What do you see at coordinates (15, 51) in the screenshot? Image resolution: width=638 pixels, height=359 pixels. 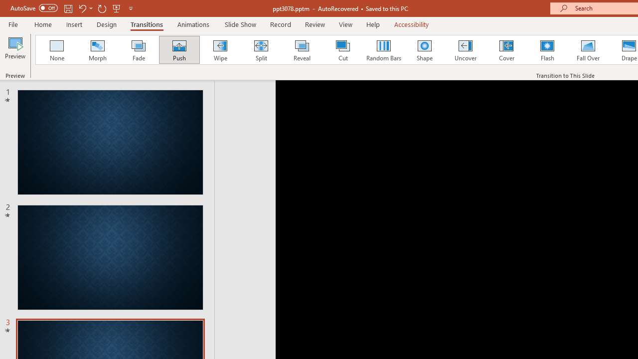 I see `'Preview'` at bounding box center [15, 51].